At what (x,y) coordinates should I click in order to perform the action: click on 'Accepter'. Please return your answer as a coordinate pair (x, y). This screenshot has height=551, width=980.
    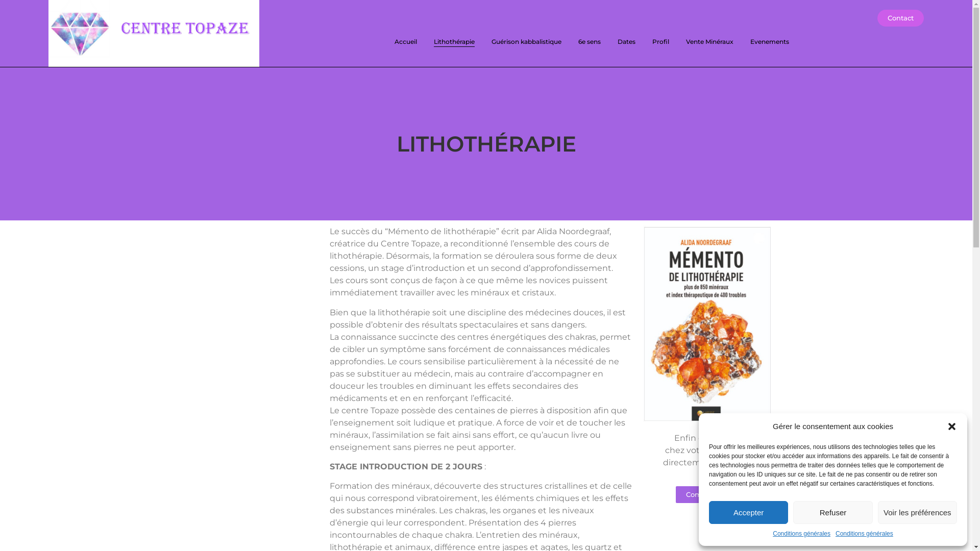
    Looking at the image, I should click on (748, 512).